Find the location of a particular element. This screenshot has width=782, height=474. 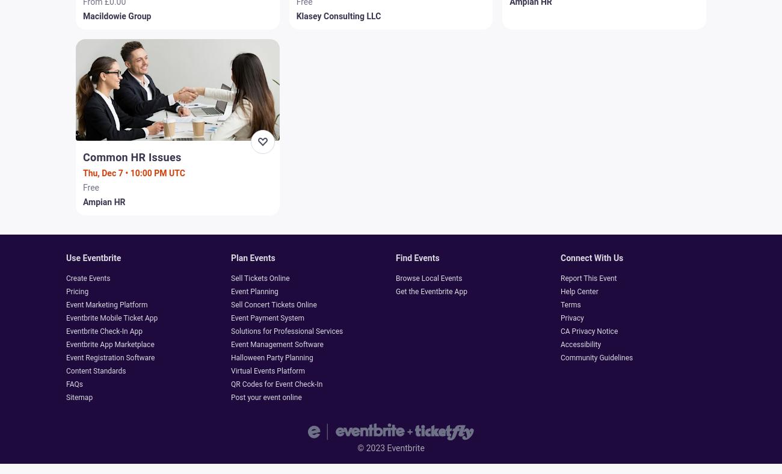

'Event Marketing Platform' is located at coordinates (65, 304).